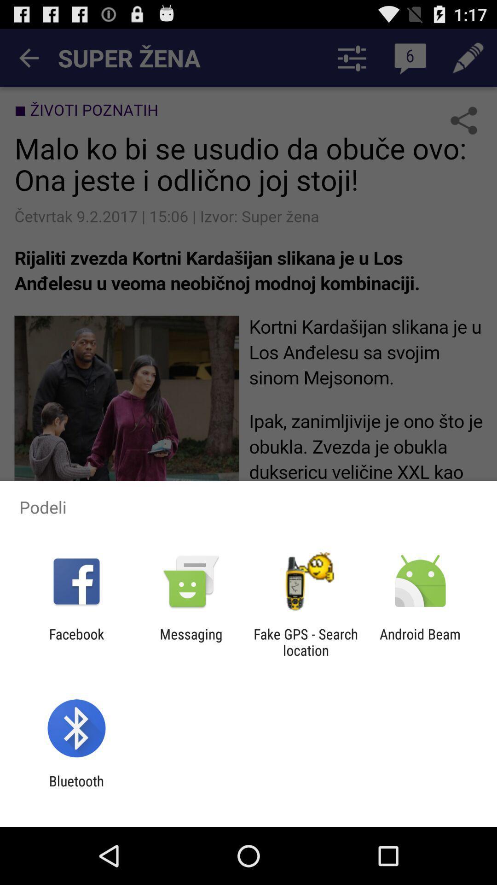  I want to click on bluetooth app, so click(76, 789).